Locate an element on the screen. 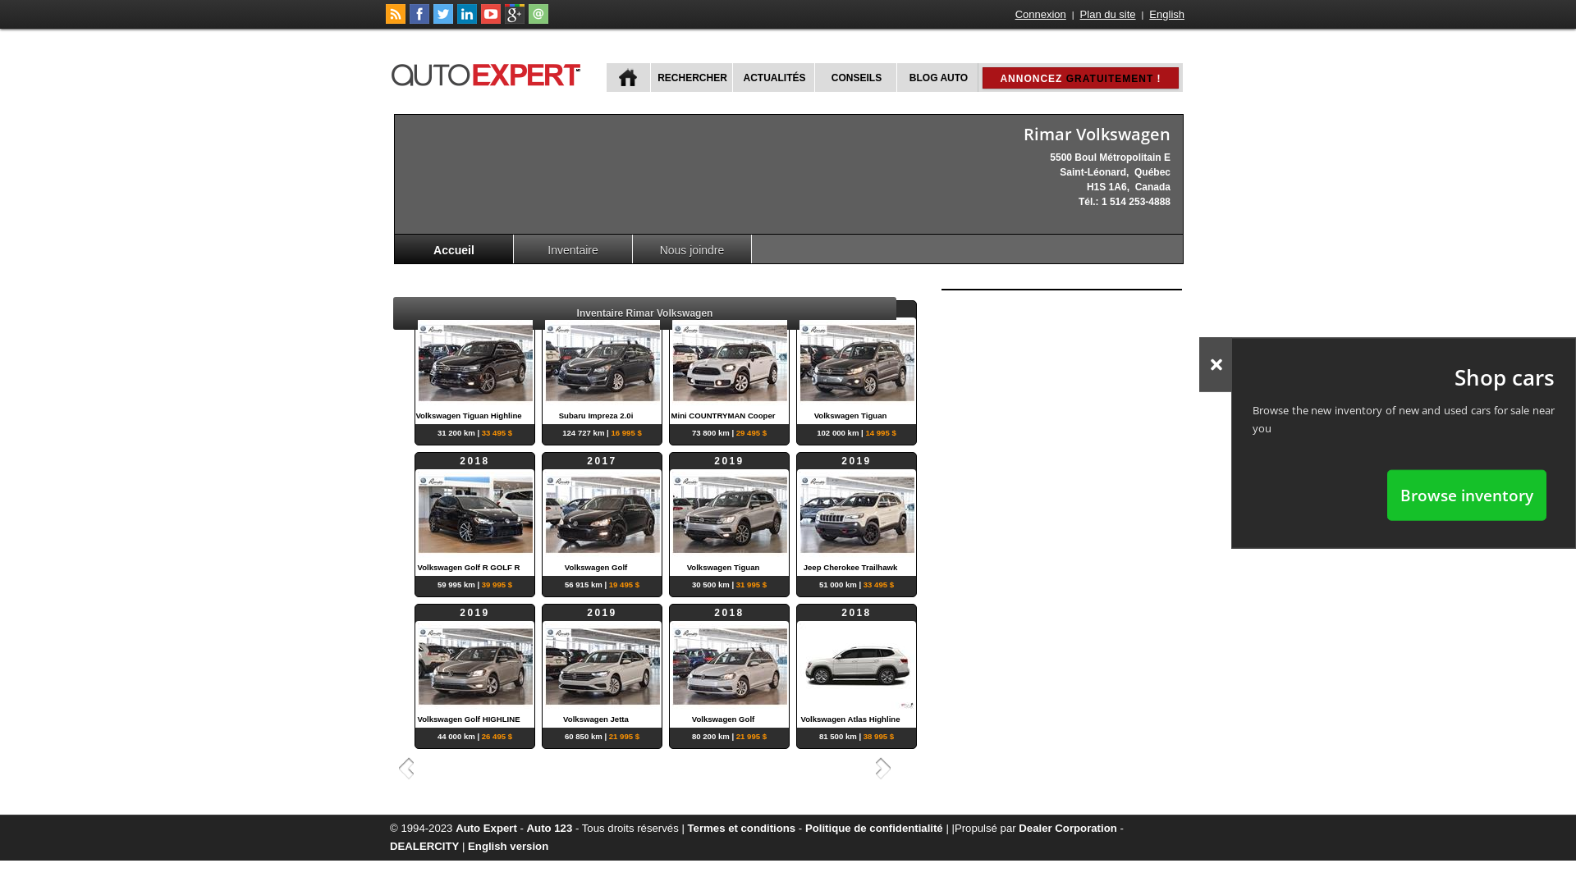 Image resolution: width=1576 pixels, height=886 pixels. 'RECHERCHER' is located at coordinates (690, 77).